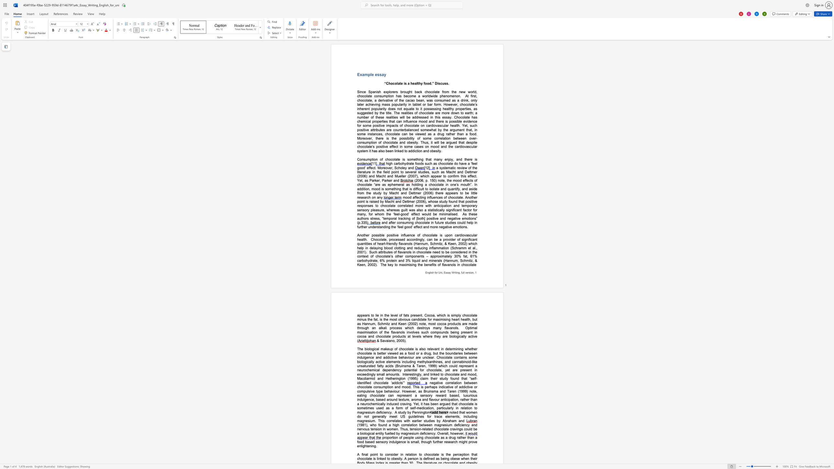  What do you see at coordinates (412, 167) in the screenshot?
I see `the 5th character "d" in the text` at bounding box center [412, 167].